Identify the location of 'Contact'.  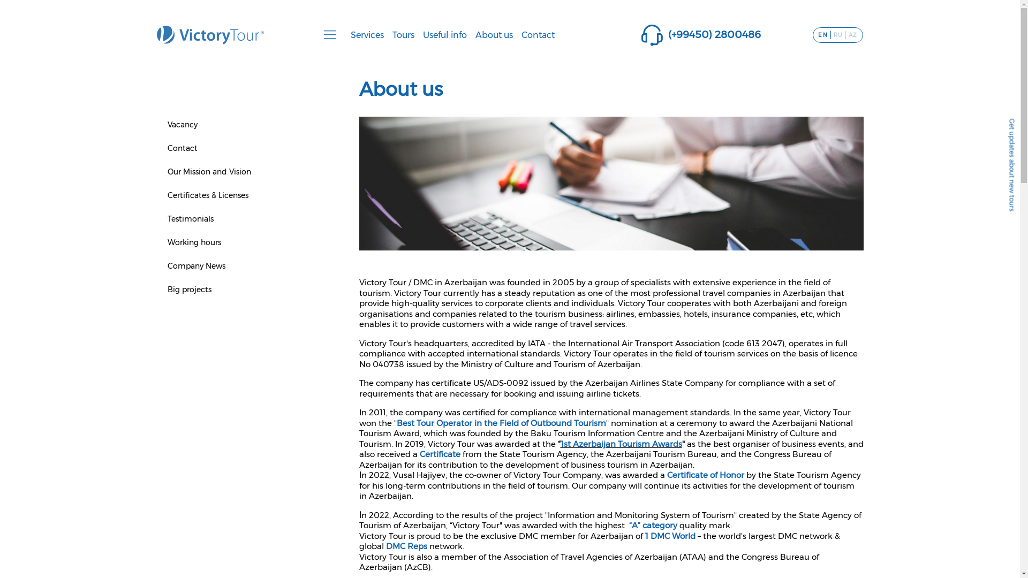
(182, 148).